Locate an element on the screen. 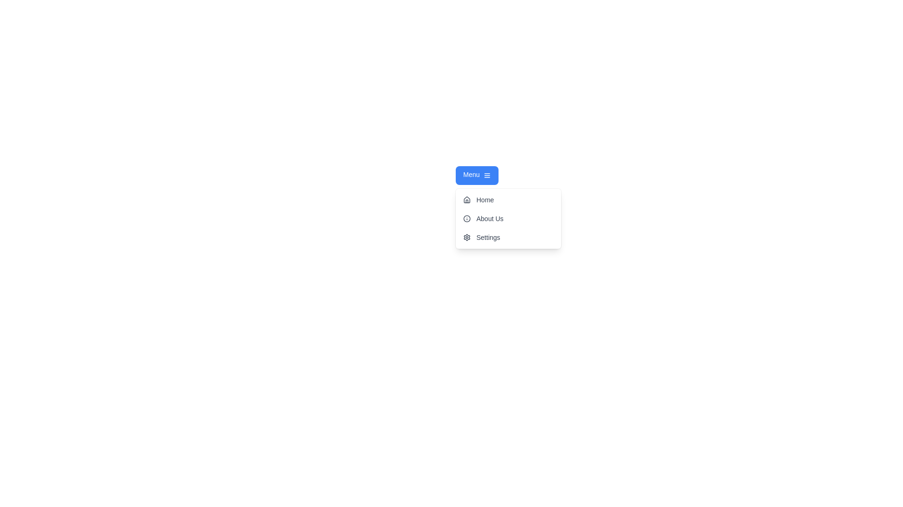  the rectangular blue button labeled 'Menu' is located at coordinates (477, 176).